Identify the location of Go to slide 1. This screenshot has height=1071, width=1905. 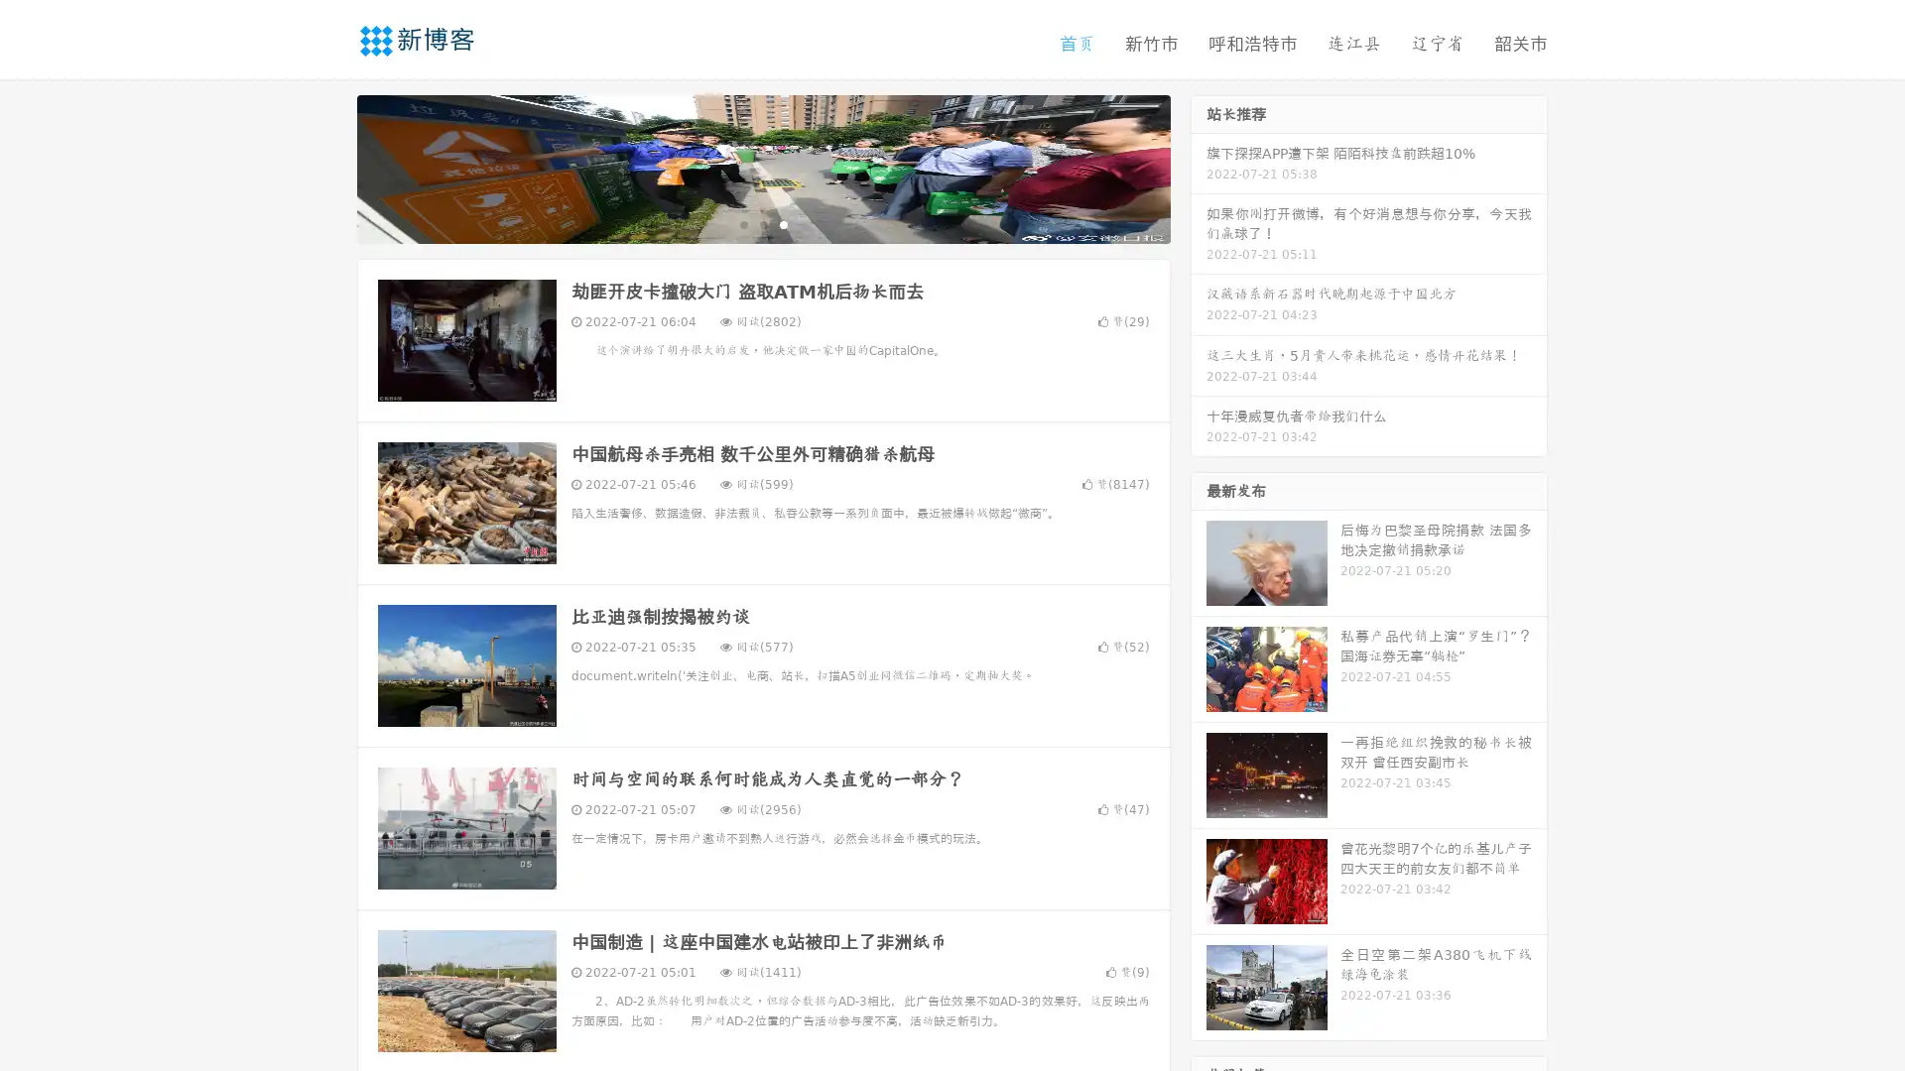
(742, 223).